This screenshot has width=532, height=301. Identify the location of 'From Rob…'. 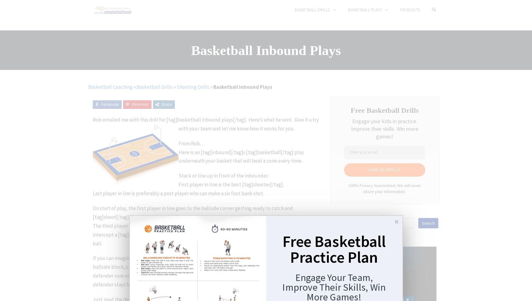
(191, 143).